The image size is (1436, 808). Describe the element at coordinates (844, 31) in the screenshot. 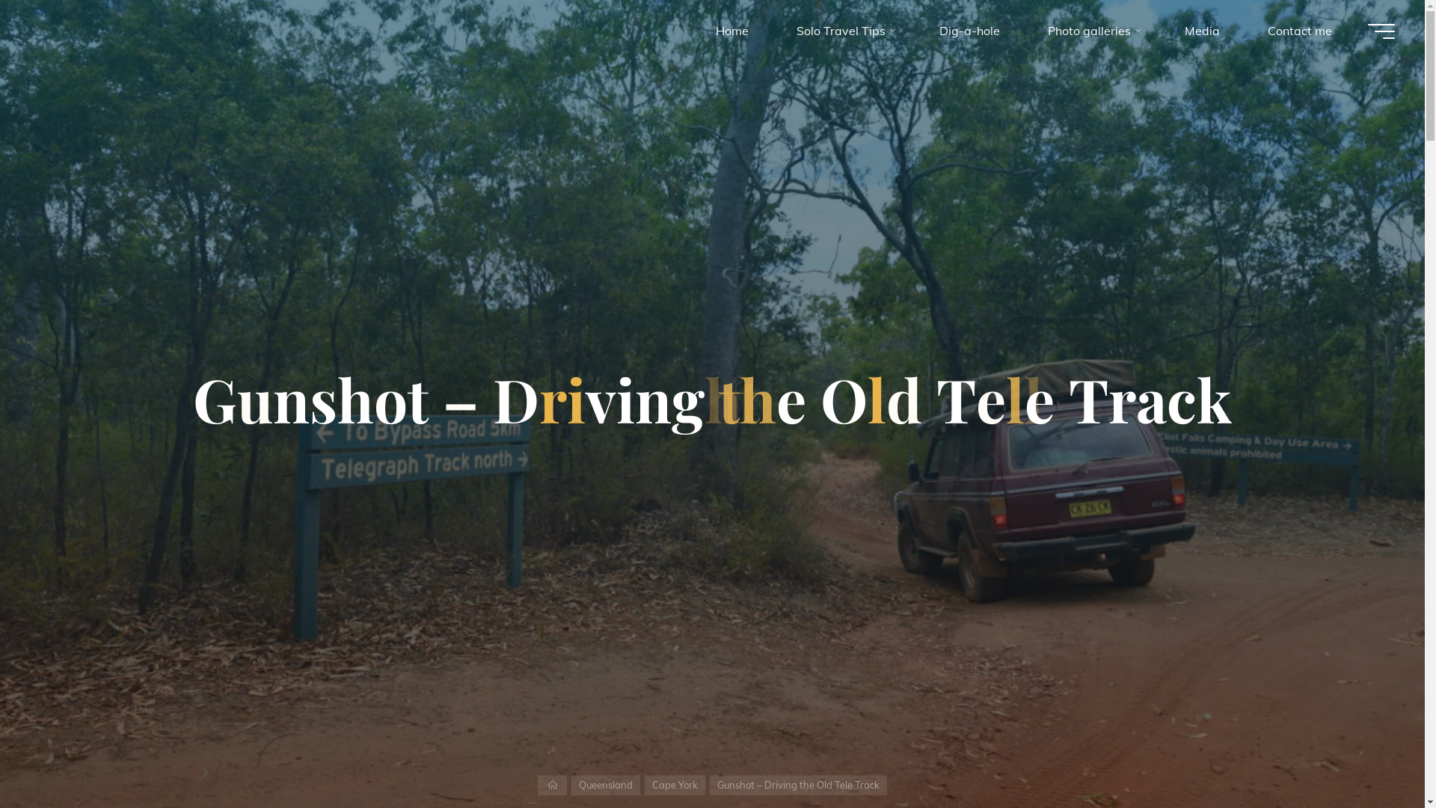

I see `'Solo Travel Tips'` at that location.